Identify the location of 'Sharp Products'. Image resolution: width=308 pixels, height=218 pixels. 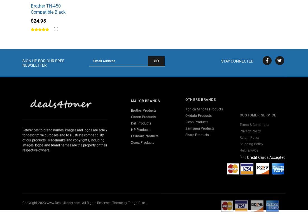
(197, 127).